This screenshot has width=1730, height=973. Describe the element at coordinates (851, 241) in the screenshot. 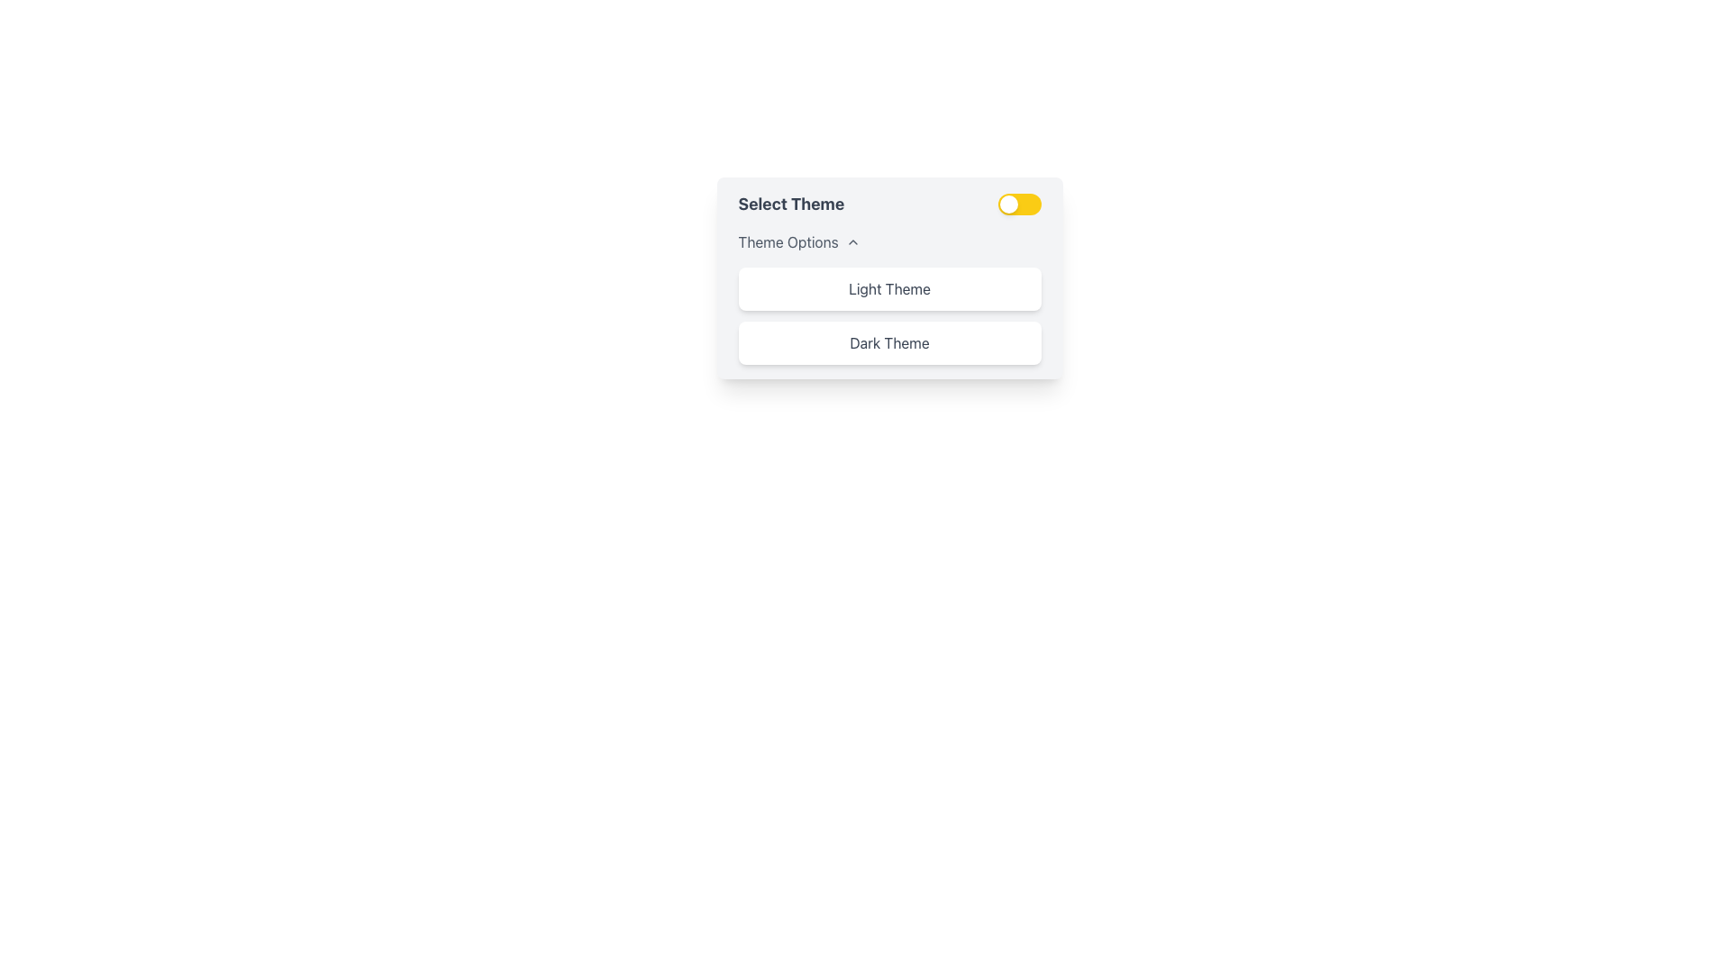

I see `the collapsible toggle icon located on the right side of the 'Theme Options' text` at that location.